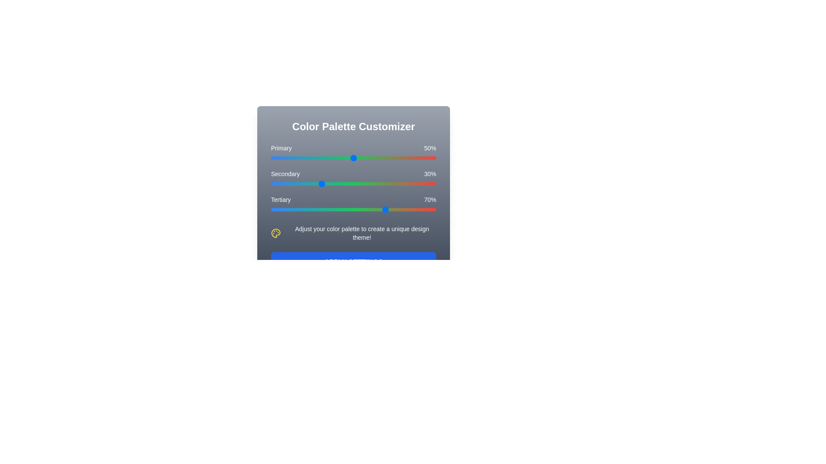 Image resolution: width=826 pixels, height=464 pixels. What do you see at coordinates (362, 210) in the screenshot?
I see `the tertiary color value` at bounding box center [362, 210].